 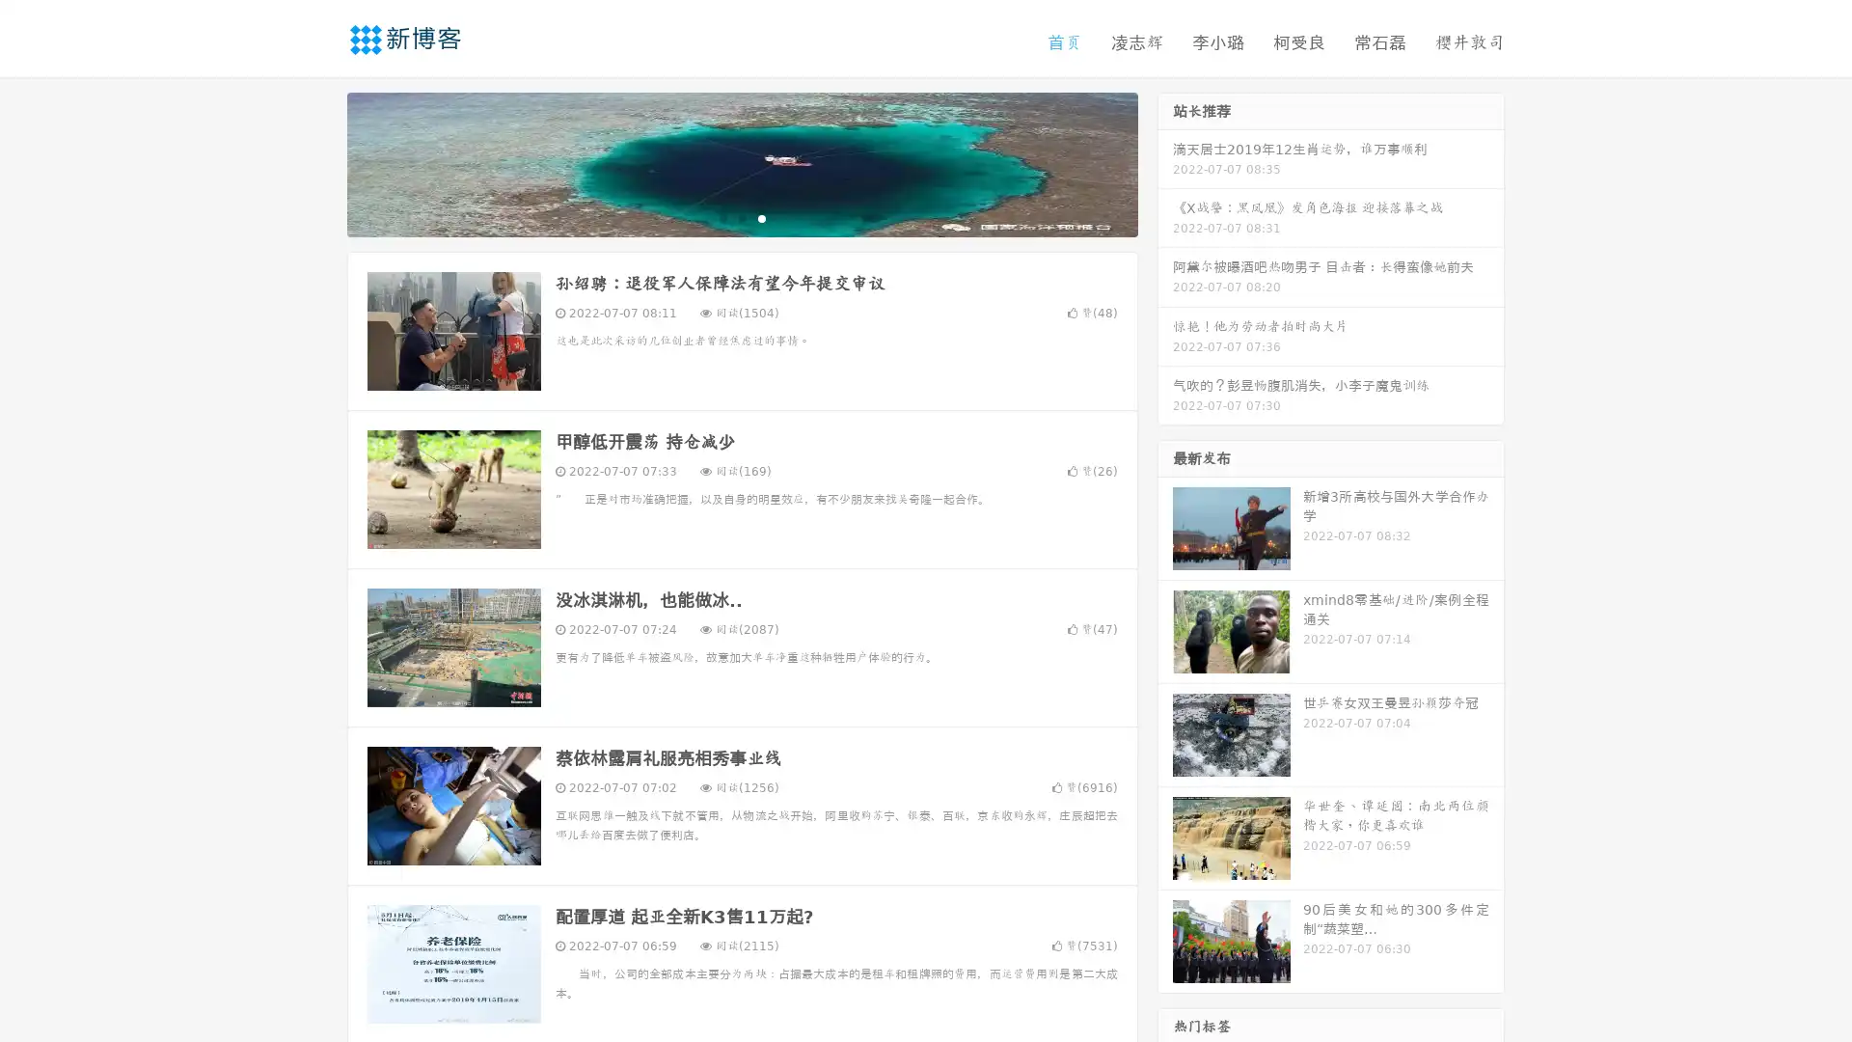 What do you see at coordinates (1165, 162) in the screenshot?
I see `Next slide` at bounding box center [1165, 162].